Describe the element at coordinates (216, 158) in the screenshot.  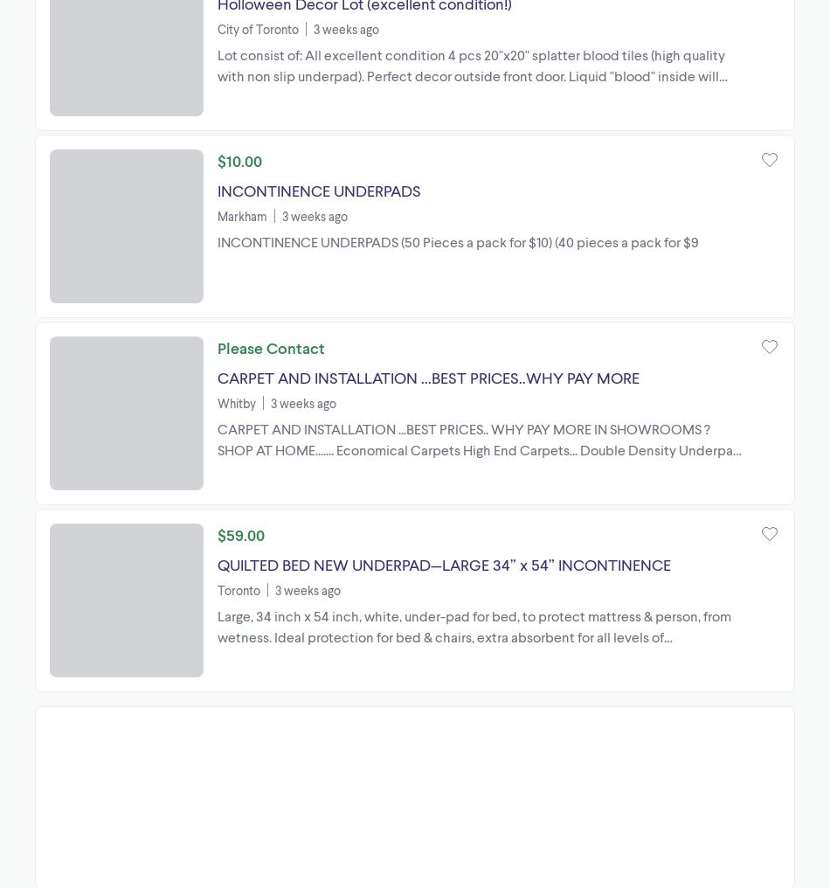
I see `'$10.00'` at that location.